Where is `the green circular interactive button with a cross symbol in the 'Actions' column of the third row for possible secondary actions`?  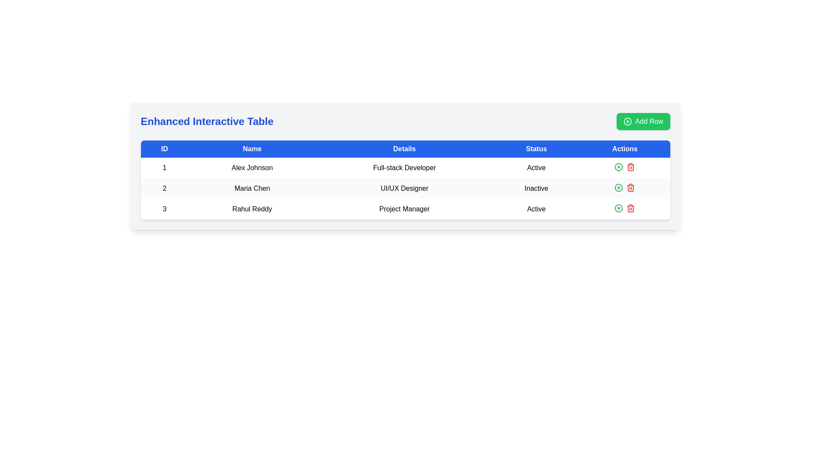
the green circular interactive button with a cross symbol in the 'Actions' column of the third row for possible secondary actions is located at coordinates (619, 208).